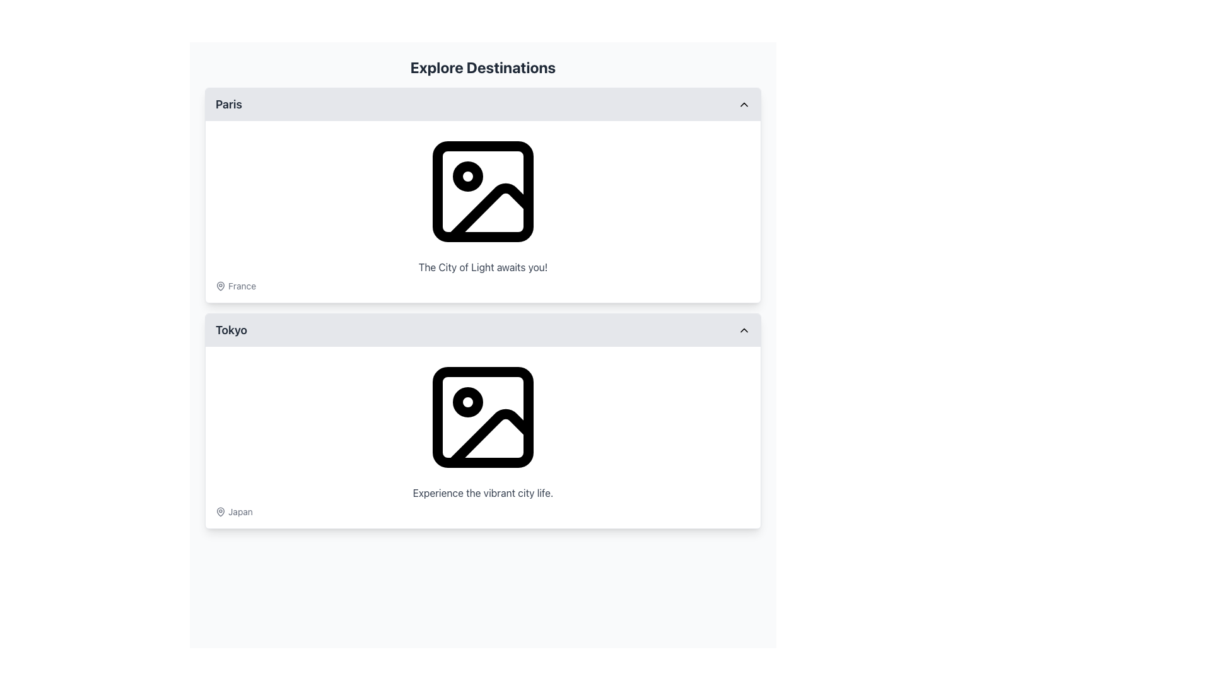  I want to click on the bold heading text 'Explore Destinations', so click(483, 67).